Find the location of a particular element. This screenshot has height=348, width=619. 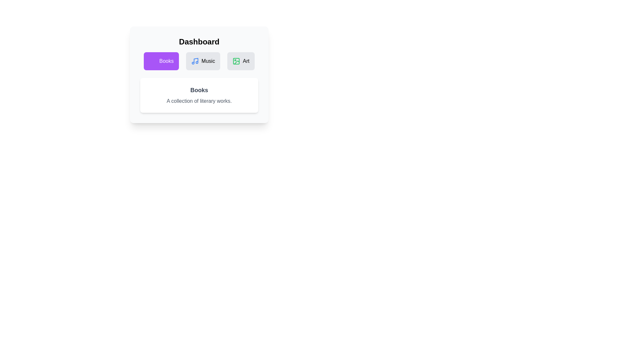

the tab icon corresponding to Art is located at coordinates (241, 61).